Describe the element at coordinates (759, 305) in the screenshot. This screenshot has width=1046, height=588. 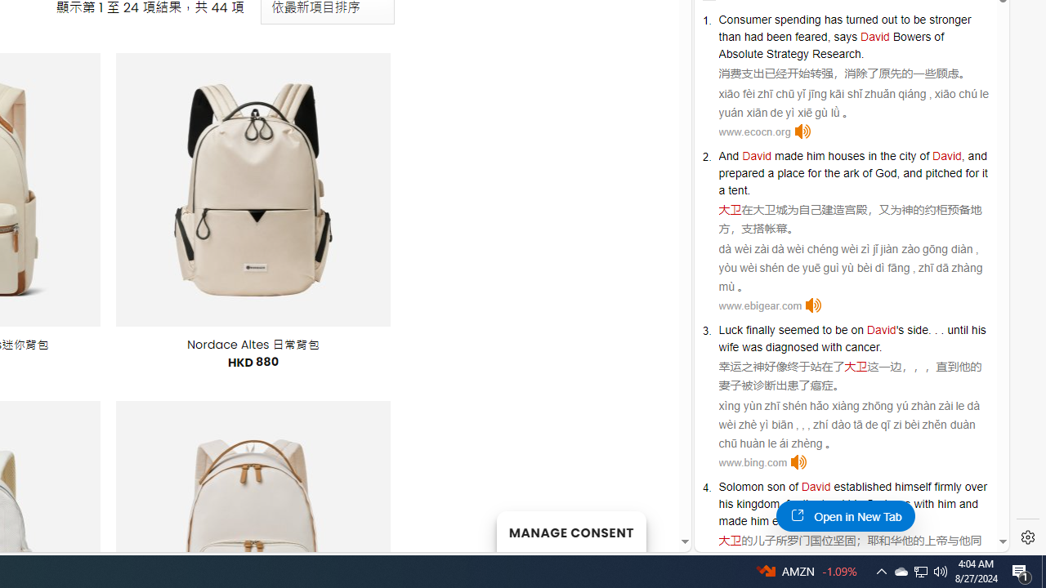
I see `'www.ebigear.com'` at that location.